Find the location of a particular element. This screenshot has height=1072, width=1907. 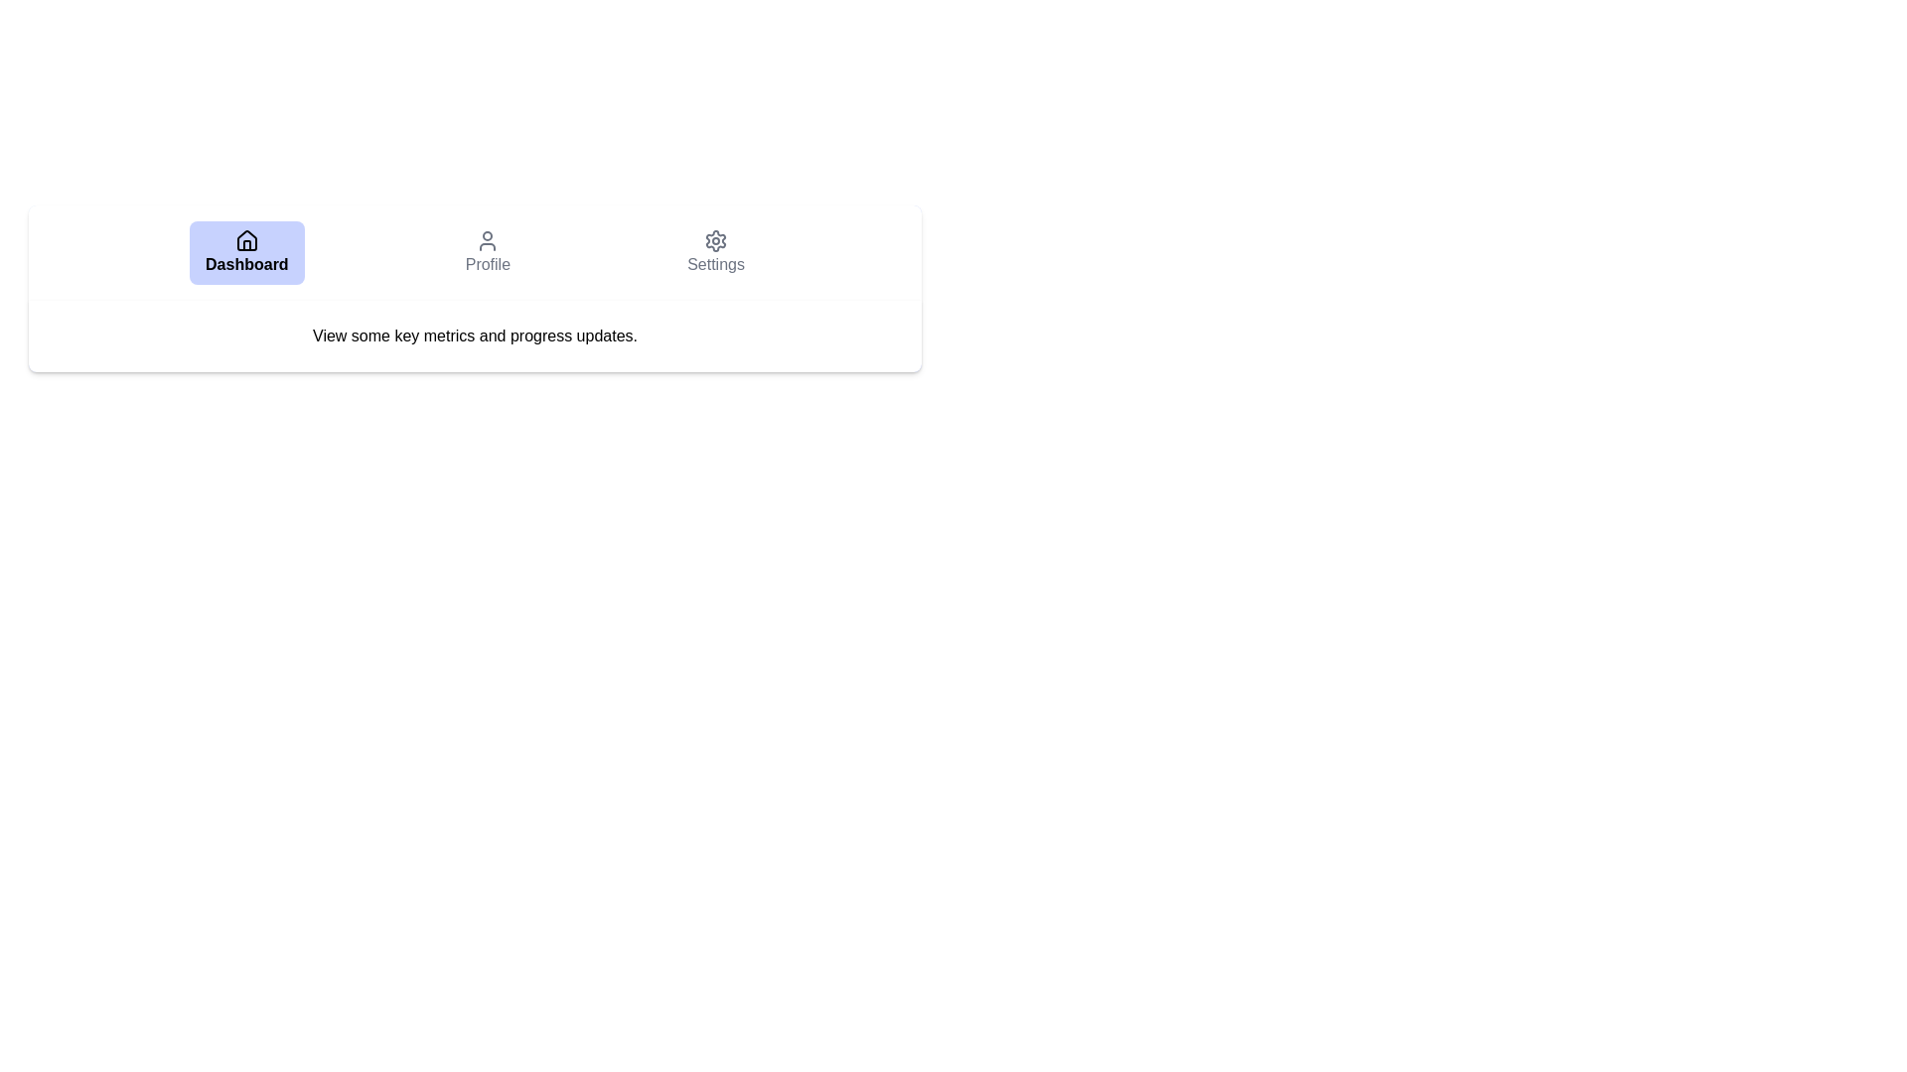

the Profile tab by clicking on its button is located at coordinates (487, 251).